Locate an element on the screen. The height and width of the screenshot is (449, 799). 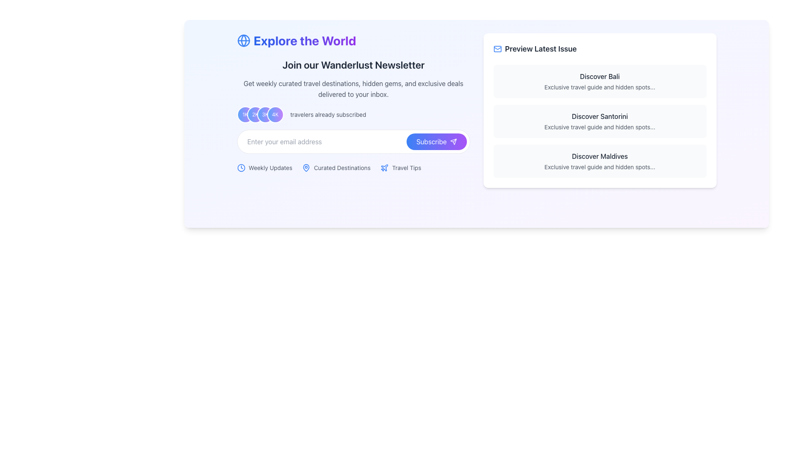
the text element that contains the phrase 'travelers already subscribed', located to the right of the circular icons labeled '1K', '2K', '3K', and '4K' is located at coordinates (328, 115).